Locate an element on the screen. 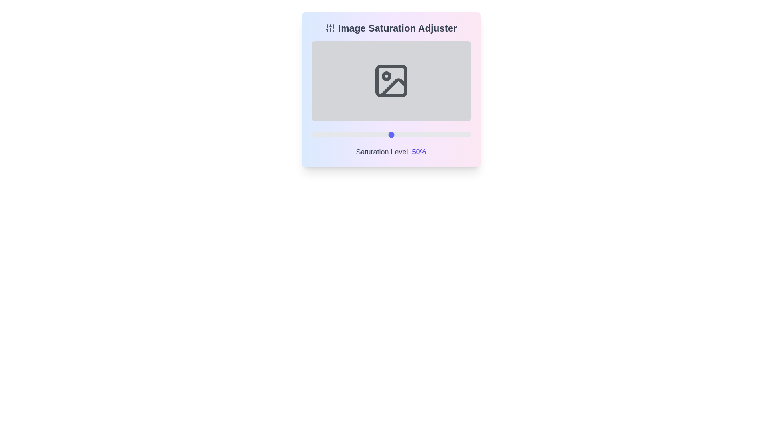 This screenshot has height=431, width=766. the saturation level to 50% by interacting with the slider is located at coordinates (391, 134).